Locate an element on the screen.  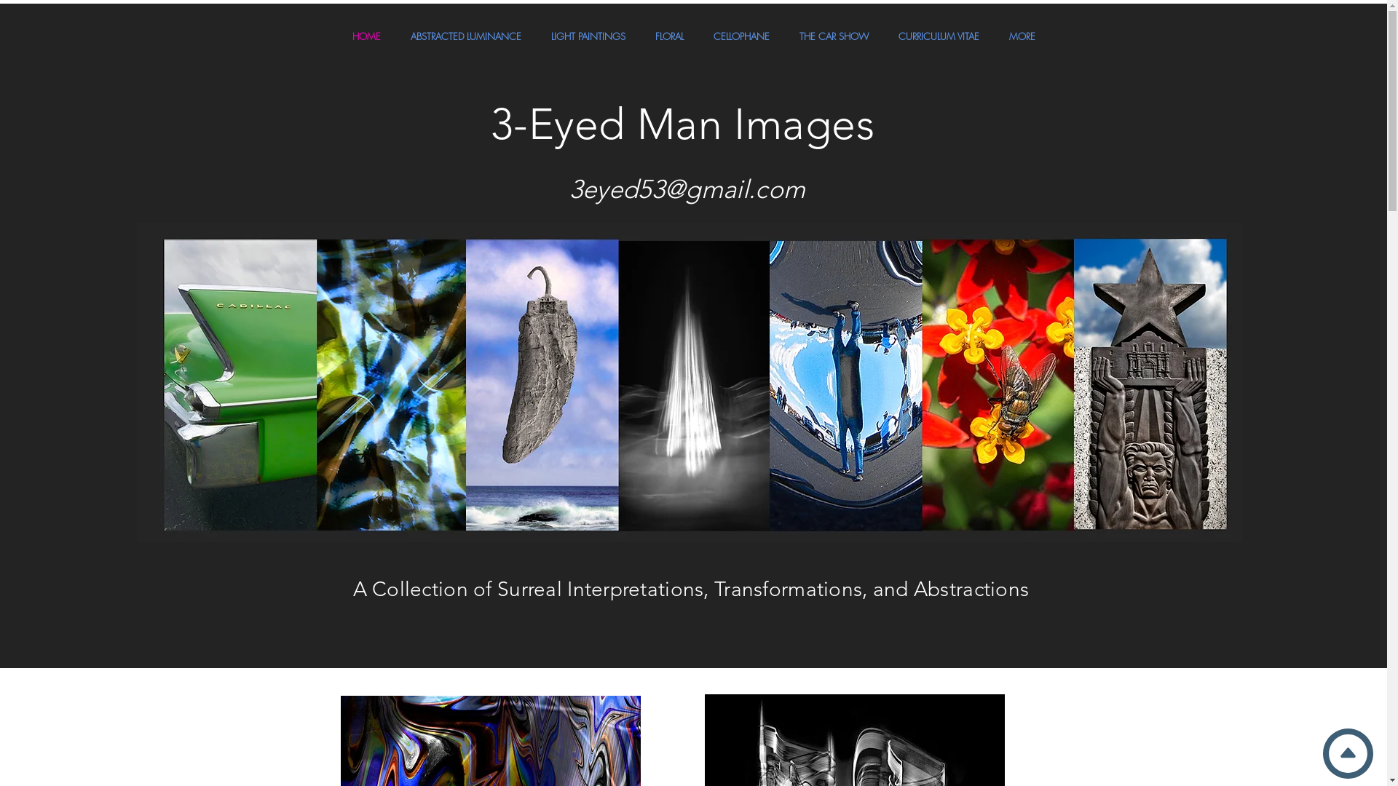
'FLORAL' is located at coordinates (669, 36).